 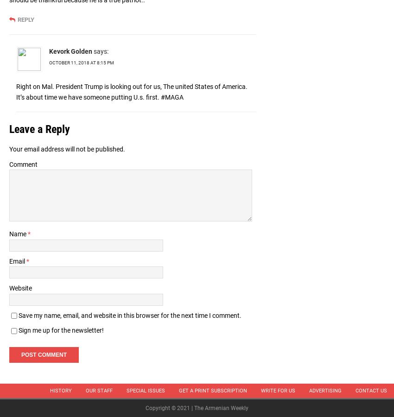 I want to click on 'Your email address will not be published.', so click(x=67, y=149).